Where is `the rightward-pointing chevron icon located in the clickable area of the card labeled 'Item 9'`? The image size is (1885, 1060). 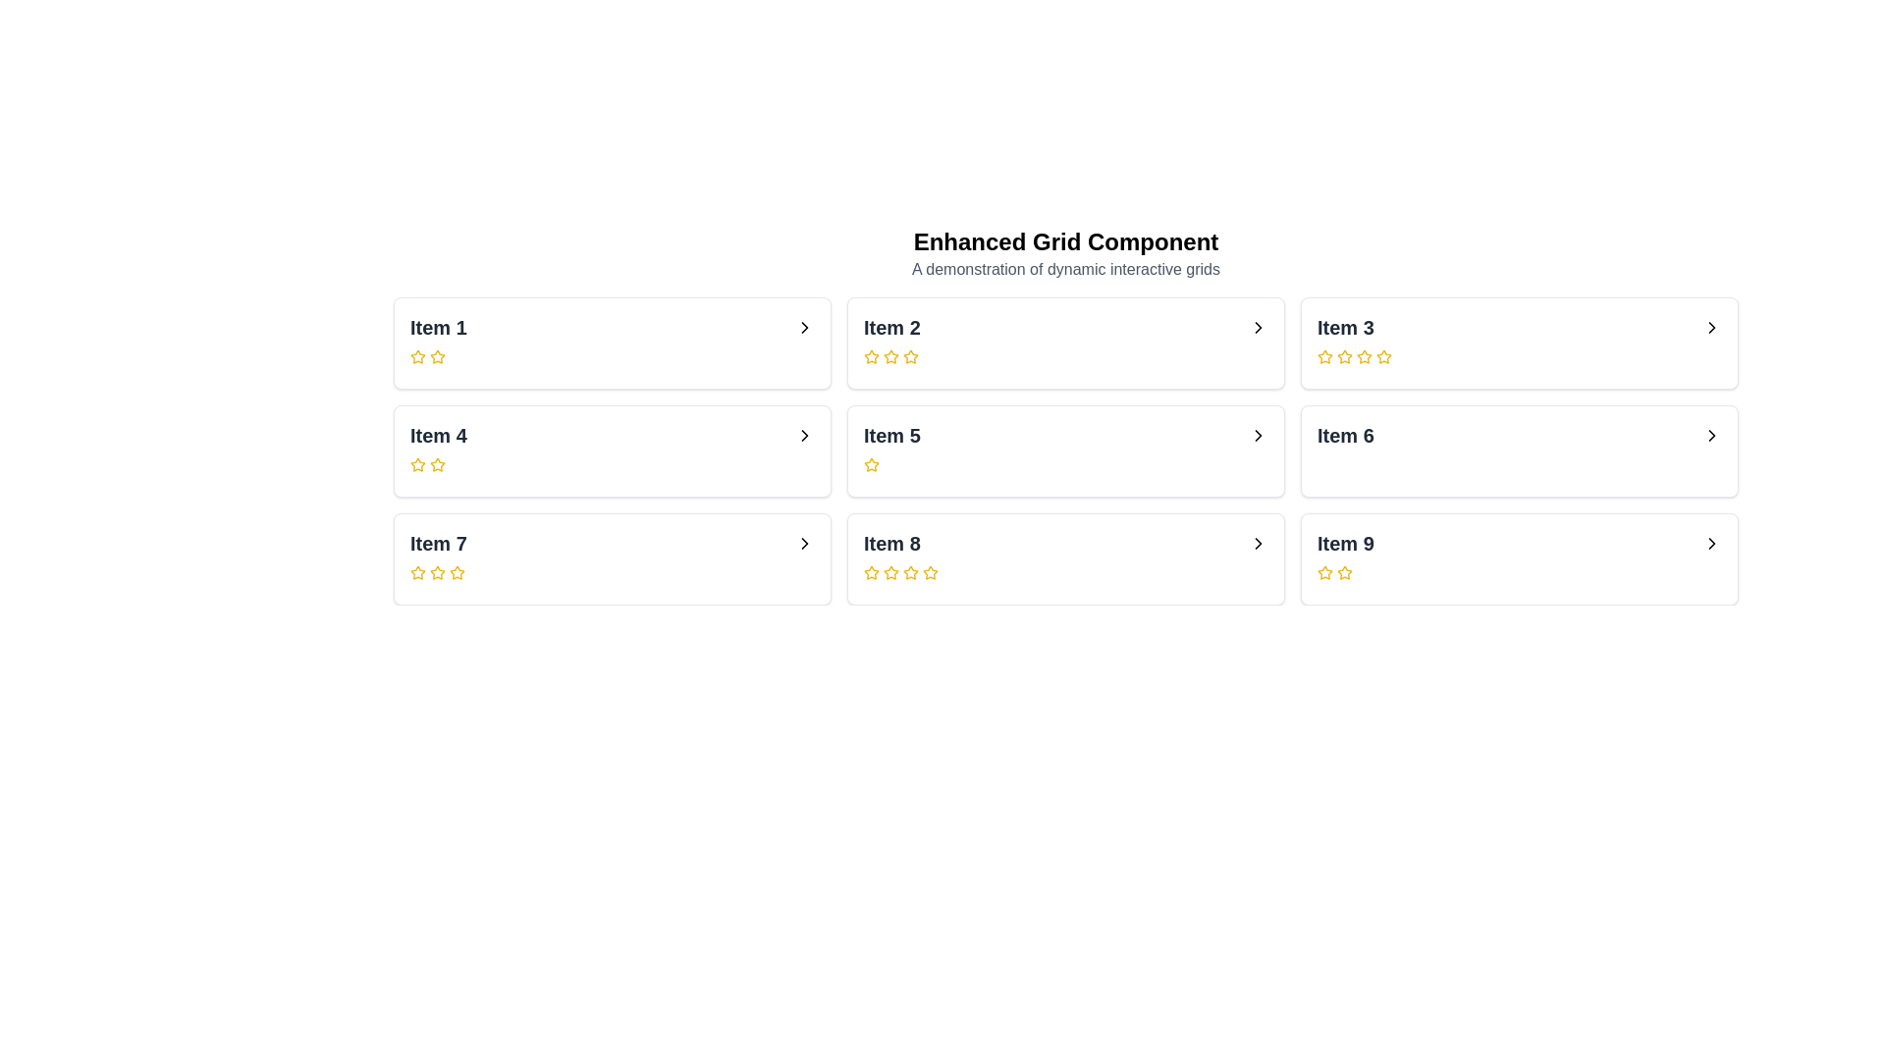 the rightward-pointing chevron icon located in the clickable area of the card labeled 'Item 9' is located at coordinates (1258, 544).